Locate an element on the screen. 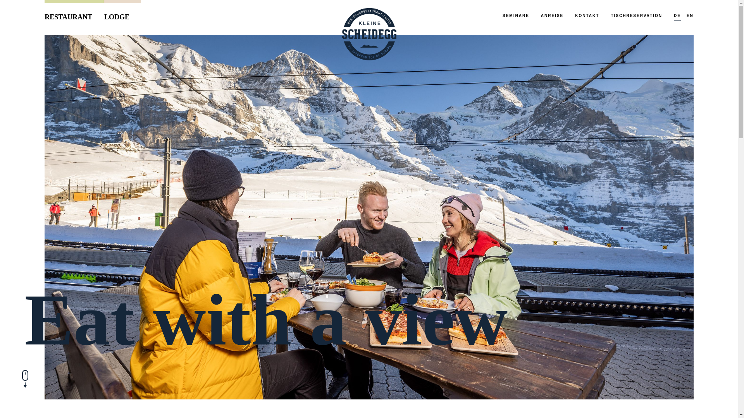 The width and height of the screenshot is (744, 418). 'SEMINARE' is located at coordinates (502, 16).